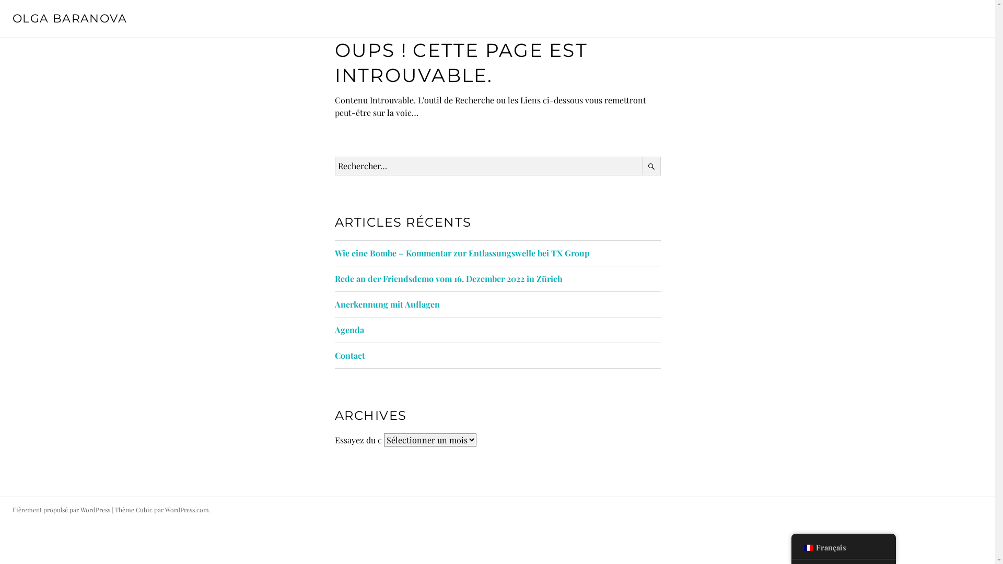 The image size is (1003, 564). I want to click on 'Anerkennung mit Auflagen', so click(386, 304).